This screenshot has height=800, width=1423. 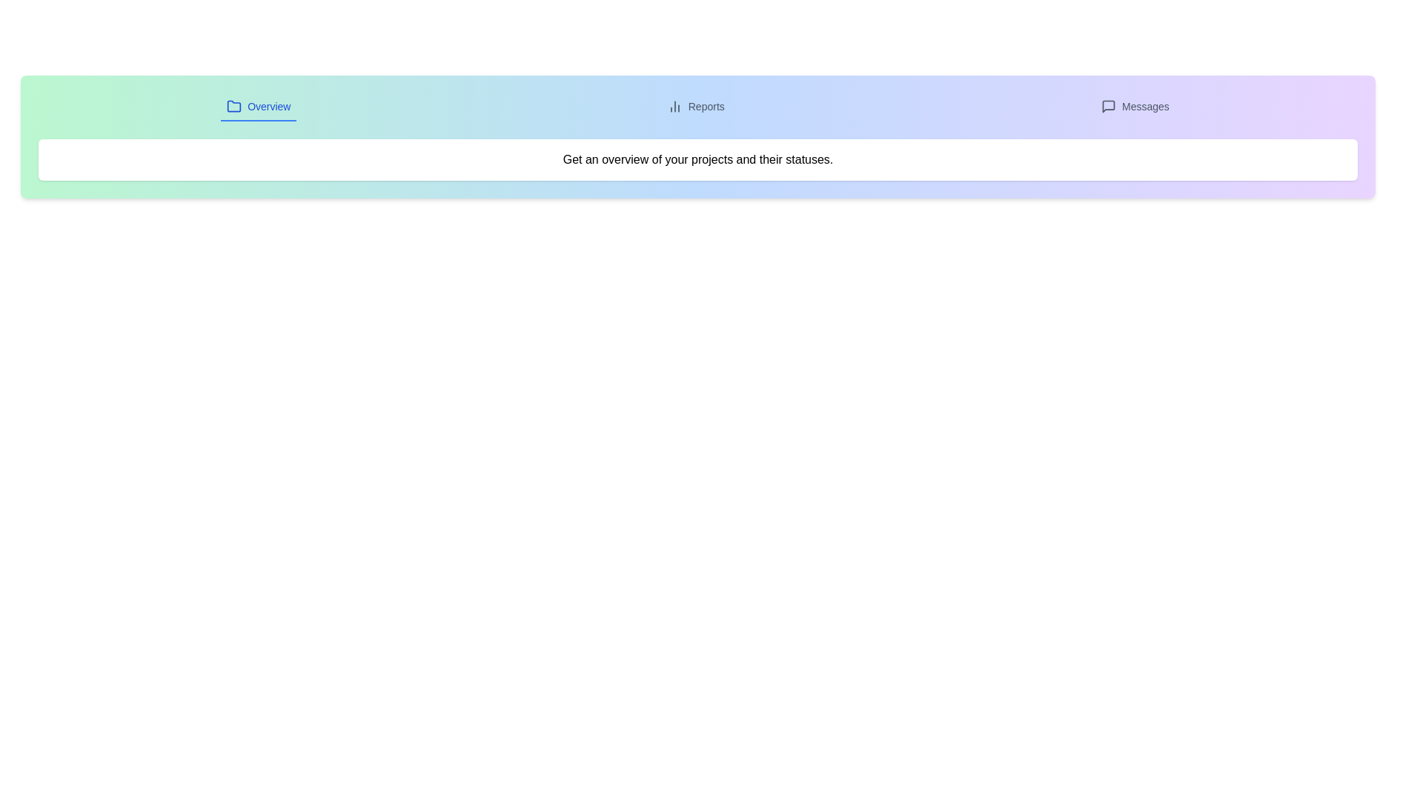 I want to click on the Messages tab, so click(x=1134, y=107).